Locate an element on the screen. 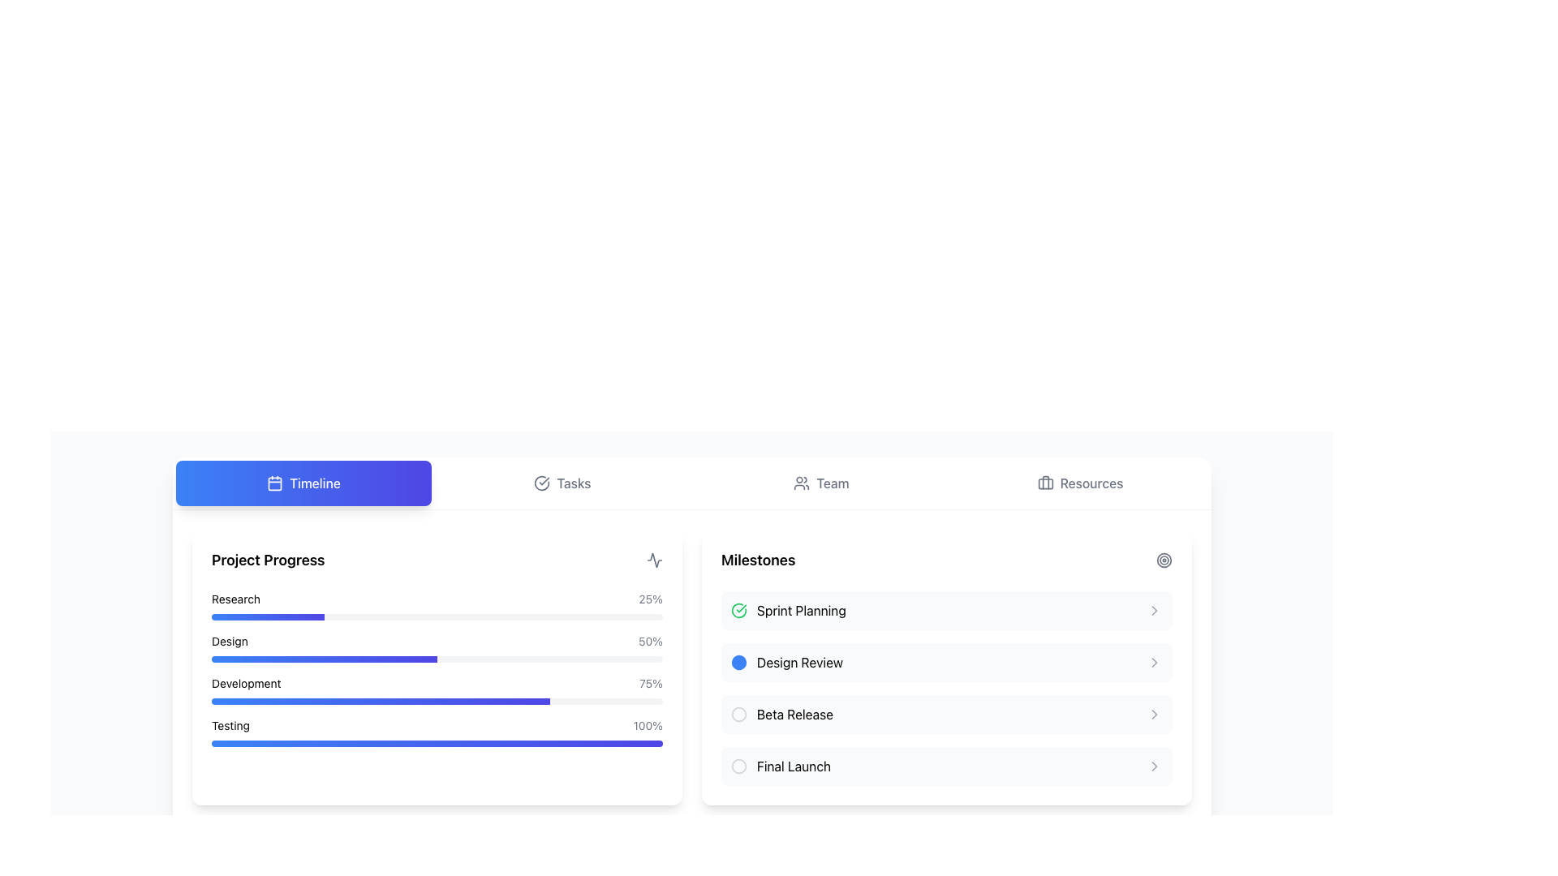  the Progress Indicator labeled 'Research' that shows '25%' in the 'Project Progress' section, located in the top-left quadrant of the interface is located at coordinates (437, 606).